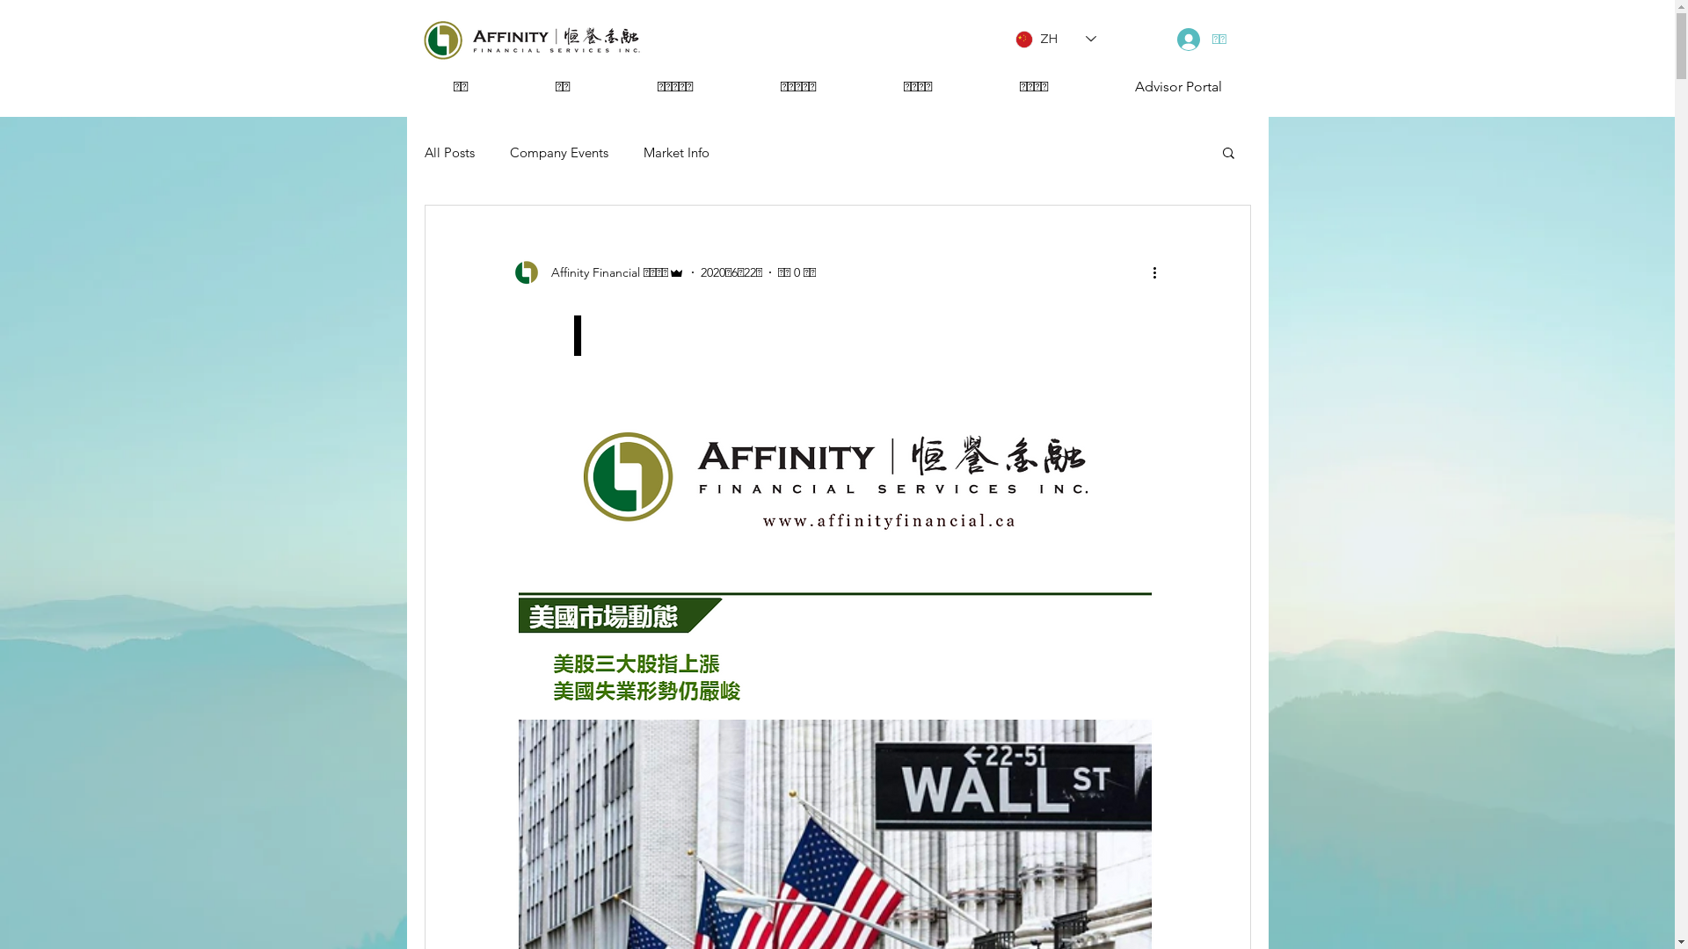 The height and width of the screenshot is (949, 1688). What do you see at coordinates (557, 151) in the screenshot?
I see `'Company Events'` at bounding box center [557, 151].